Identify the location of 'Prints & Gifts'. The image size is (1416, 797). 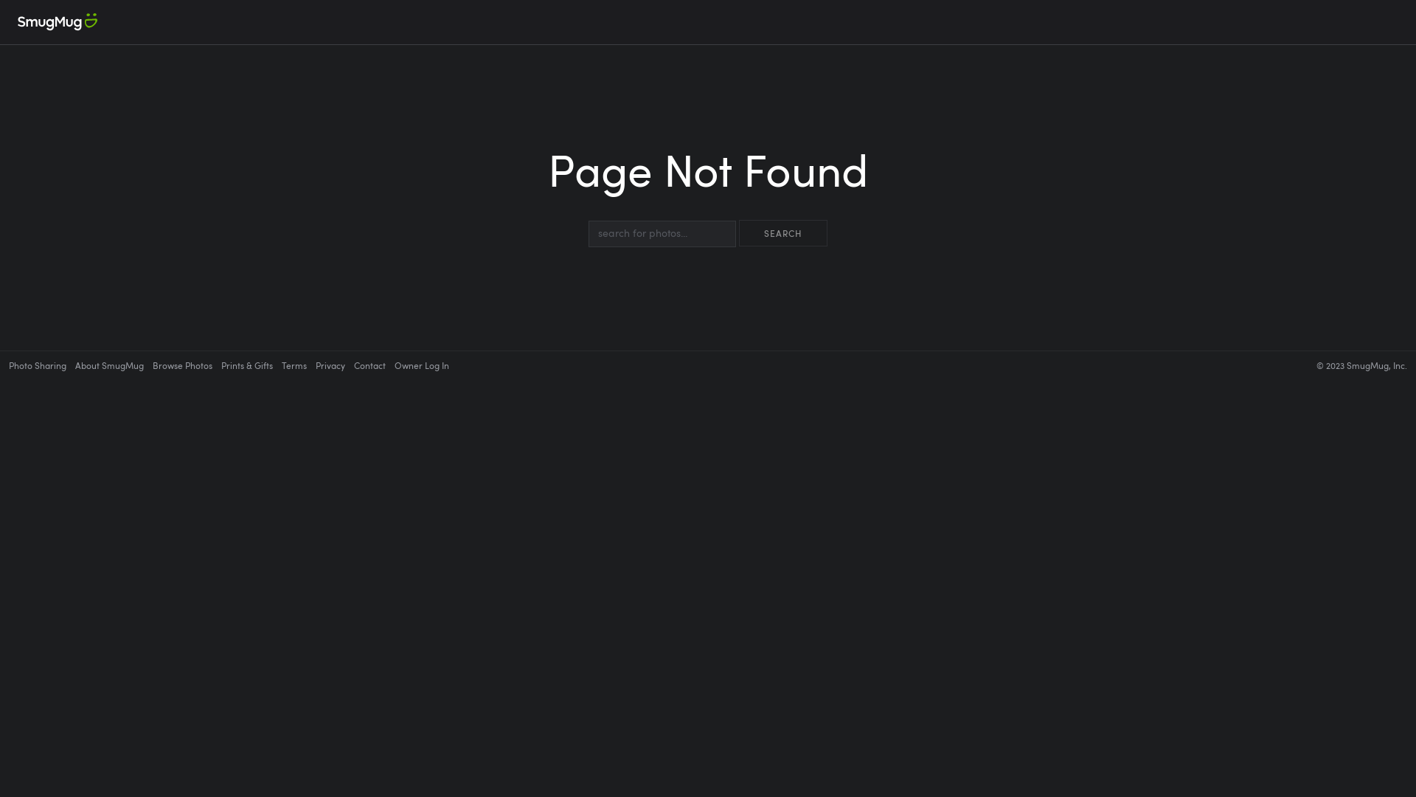
(247, 365).